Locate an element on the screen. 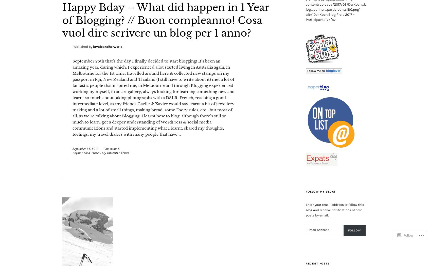  'Enter your email address to follow this blog and receive notifications of new posts by email.' is located at coordinates (334, 210).